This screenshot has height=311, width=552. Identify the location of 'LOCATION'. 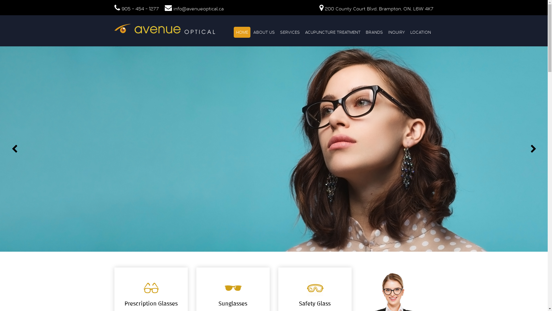
(407, 32).